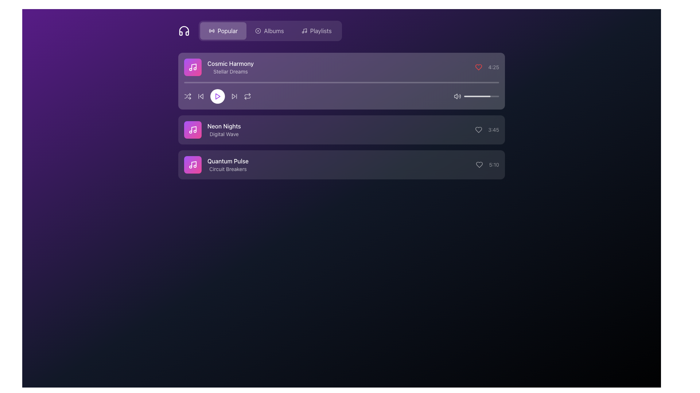  I want to click on the 'Playlists' text label that is displayed in a light-colored font on a dark purple background, located in the navigation bar of the upper section of the interface, so click(321, 30).